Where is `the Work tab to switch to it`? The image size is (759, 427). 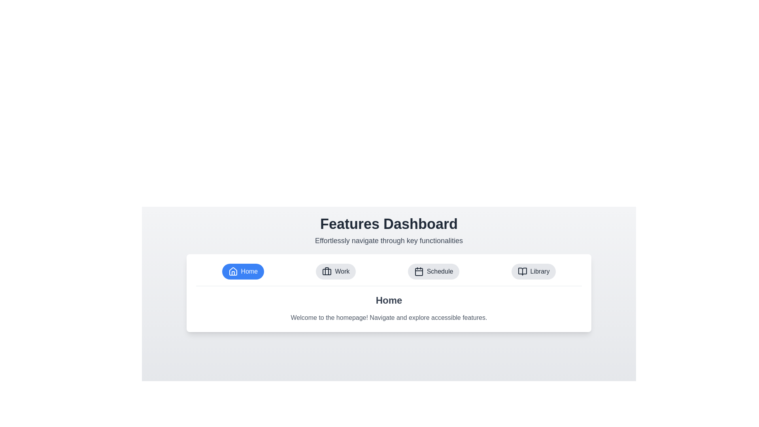
the Work tab to switch to it is located at coordinates (336, 271).